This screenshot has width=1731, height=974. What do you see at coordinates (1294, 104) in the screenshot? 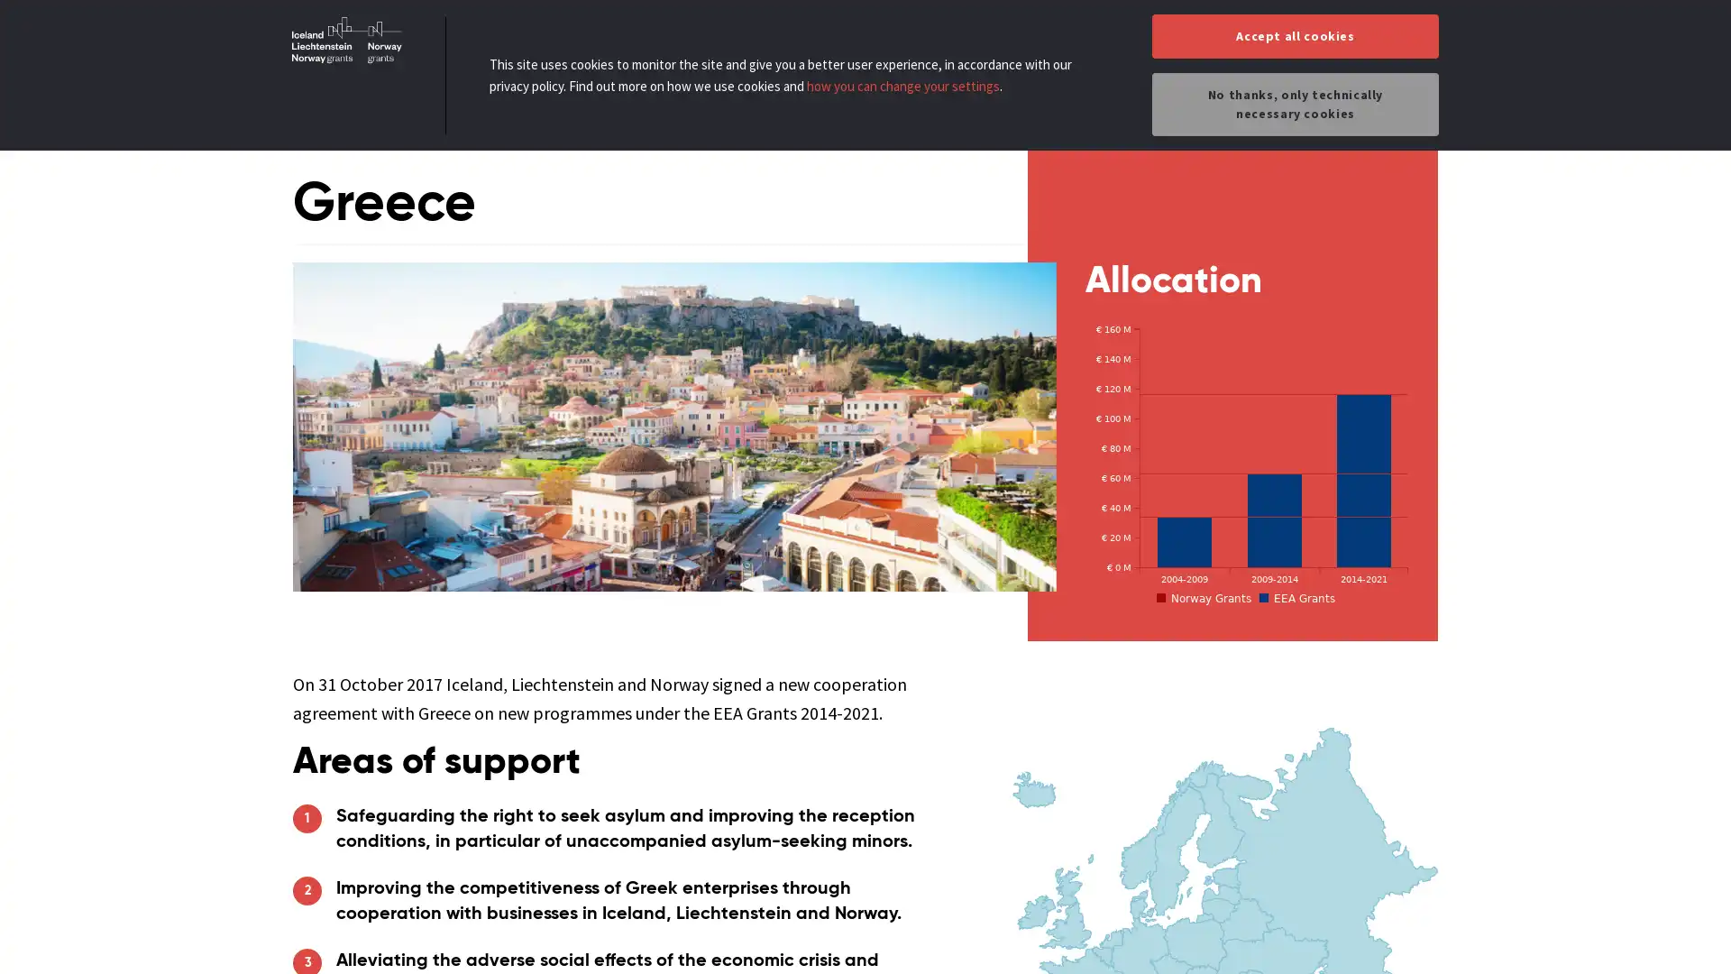
I see `No thanks, only technically necessary cookies` at bounding box center [1294, 104].